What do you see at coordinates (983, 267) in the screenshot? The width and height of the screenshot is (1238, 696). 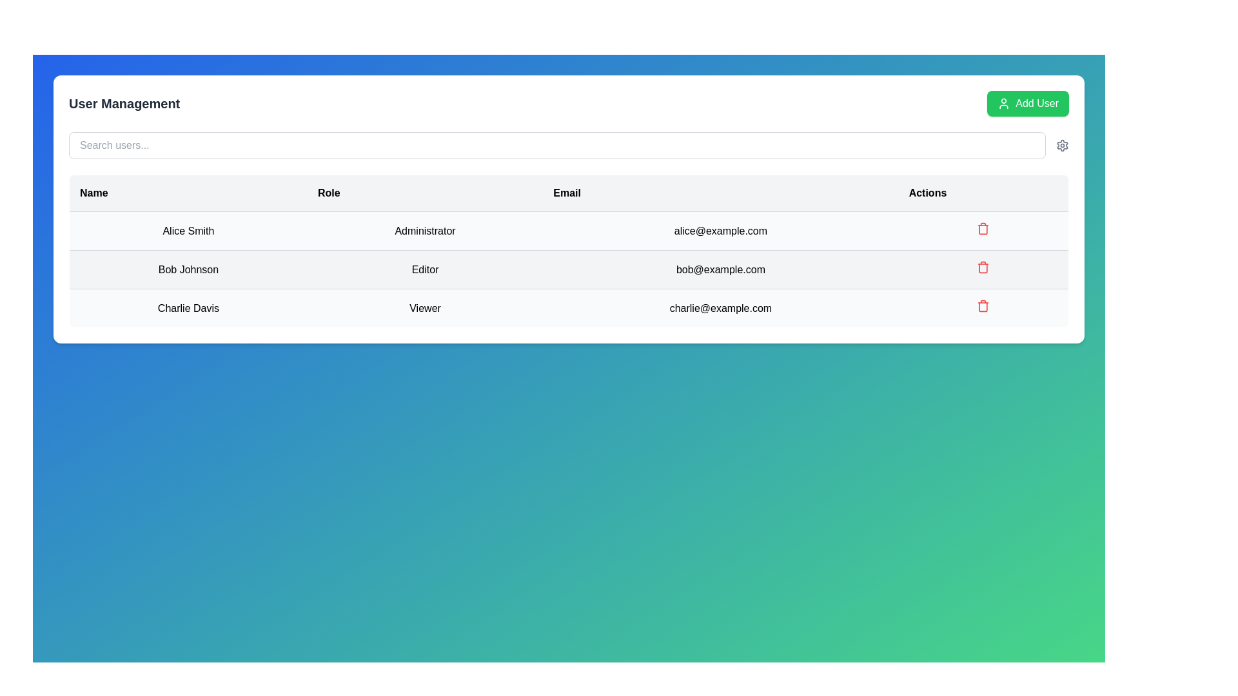 I see `the trash bin icon button in the 'Actions' column of the second row for user 'Bob Johnson' to enable accessibility interactions` at bounding box center [983, 267].